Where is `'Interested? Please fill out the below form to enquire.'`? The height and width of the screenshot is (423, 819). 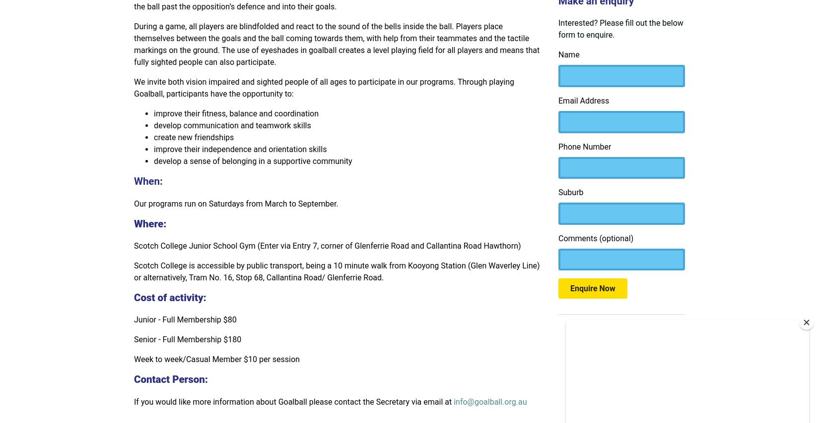 'Interested? Please fill out the below form to enquire.' is located at coordinates (620, 29).